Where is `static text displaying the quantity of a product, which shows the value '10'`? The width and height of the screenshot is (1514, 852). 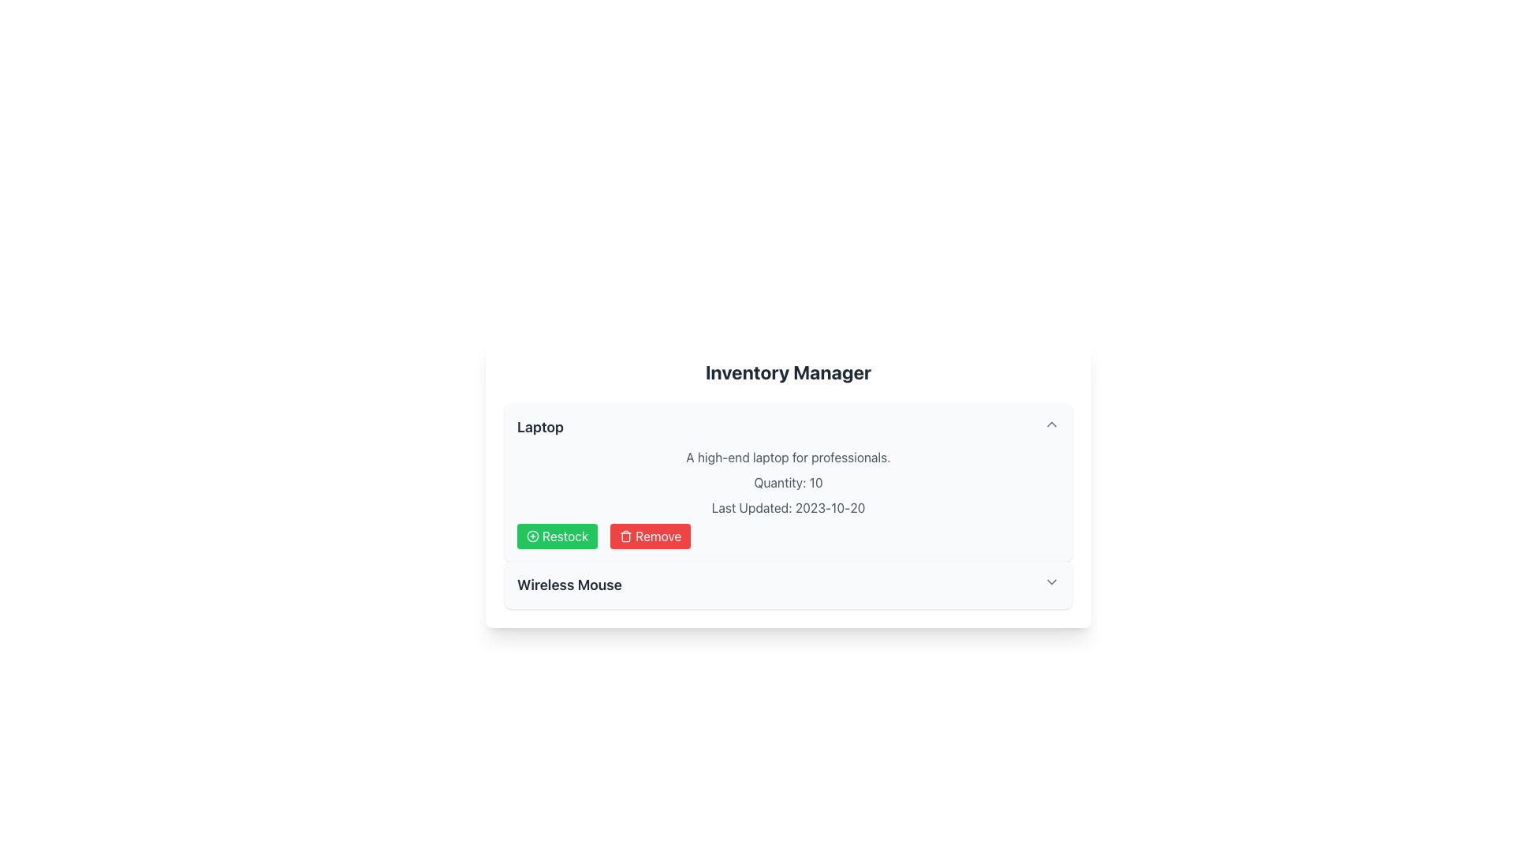
static text displaying the quantity of a product, which shows the value '10' is located at coordinates (788, 482).